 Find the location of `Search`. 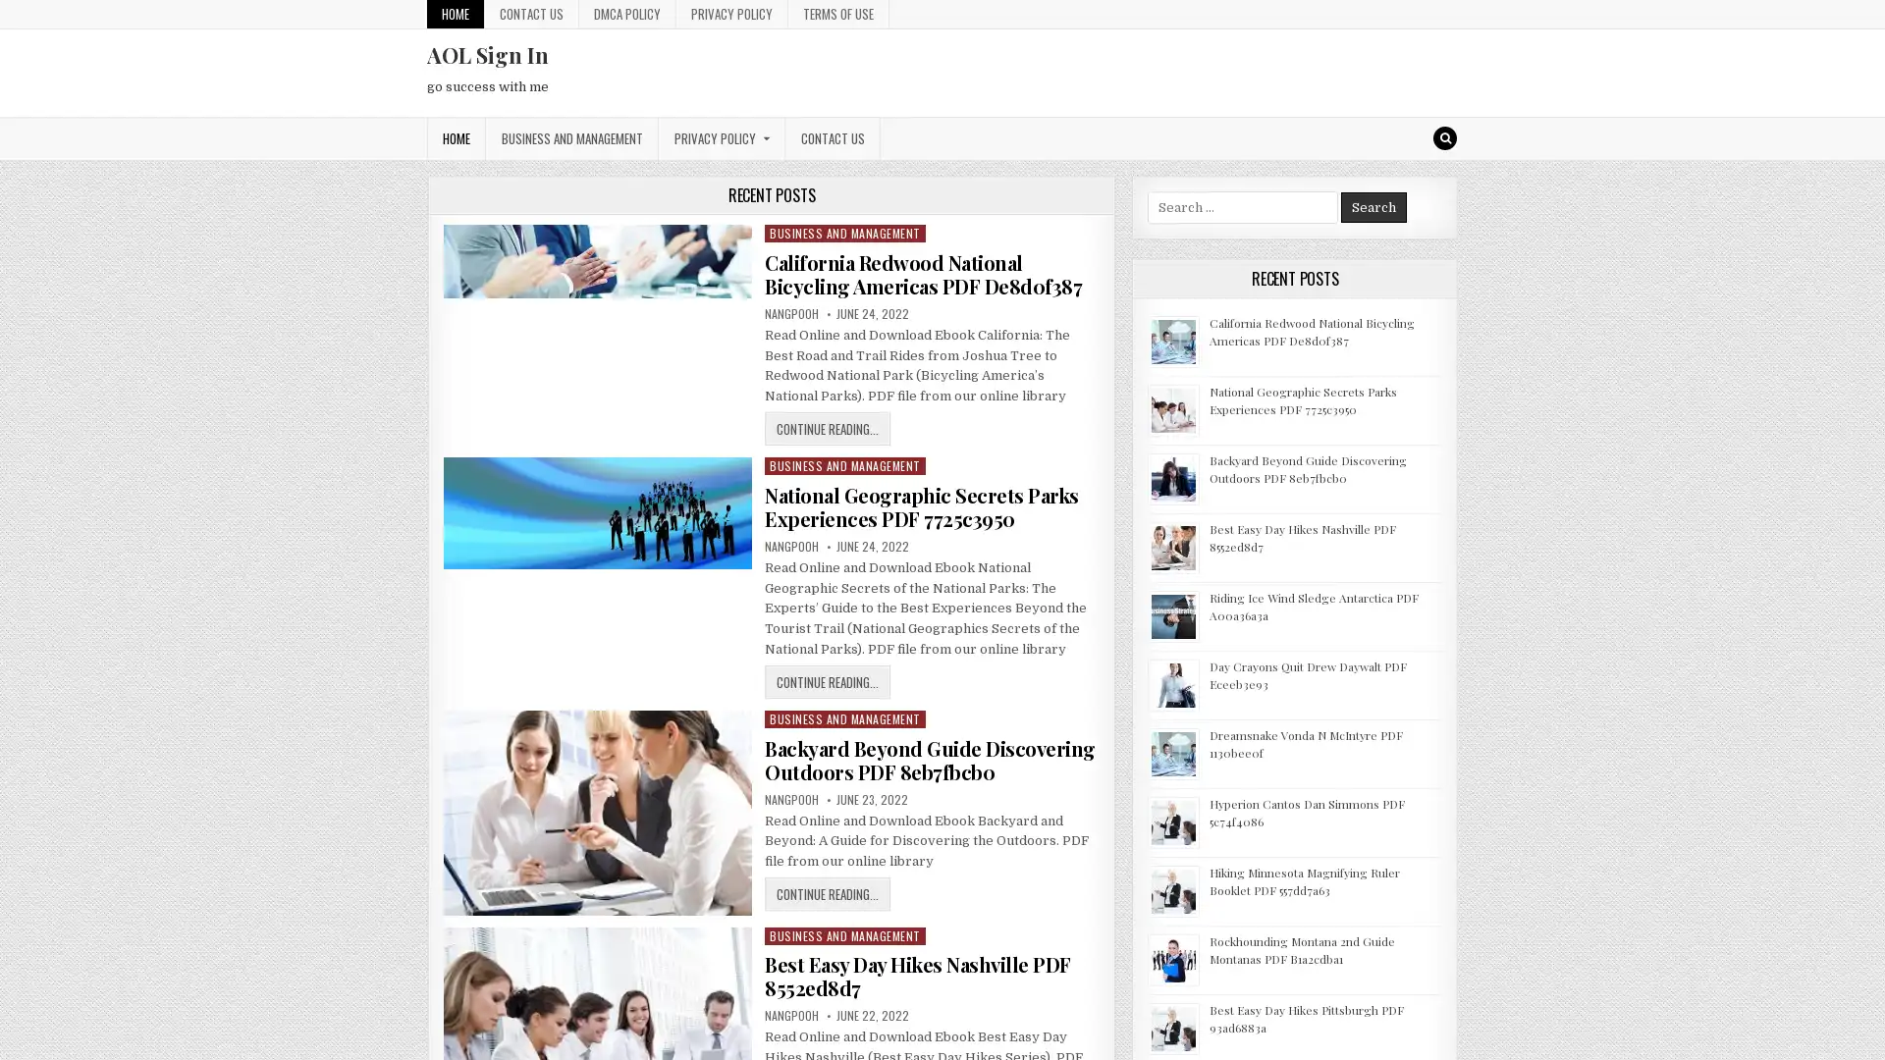

Search is located at coordinates (1373, 207).